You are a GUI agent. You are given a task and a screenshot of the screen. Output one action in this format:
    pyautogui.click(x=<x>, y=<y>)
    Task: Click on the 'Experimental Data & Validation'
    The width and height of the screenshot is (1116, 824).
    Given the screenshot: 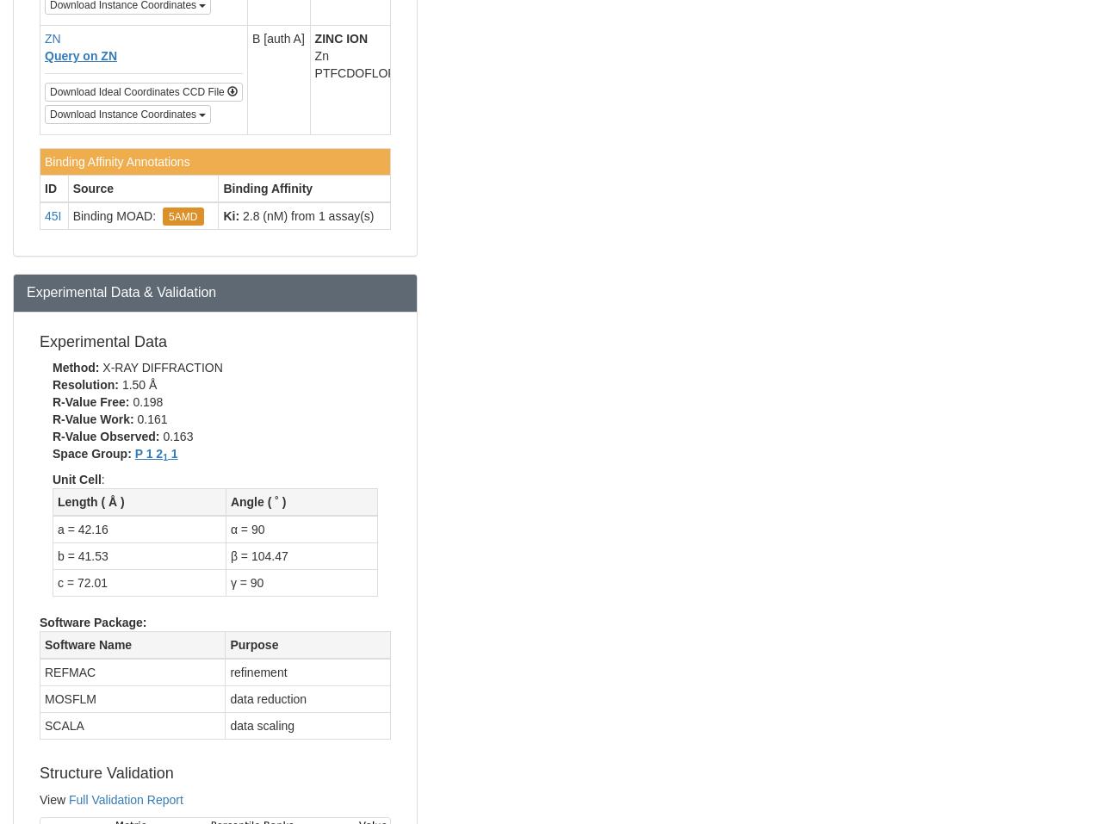 What is the action you would take?
    pyautogui.click(x=121, y=291)
    